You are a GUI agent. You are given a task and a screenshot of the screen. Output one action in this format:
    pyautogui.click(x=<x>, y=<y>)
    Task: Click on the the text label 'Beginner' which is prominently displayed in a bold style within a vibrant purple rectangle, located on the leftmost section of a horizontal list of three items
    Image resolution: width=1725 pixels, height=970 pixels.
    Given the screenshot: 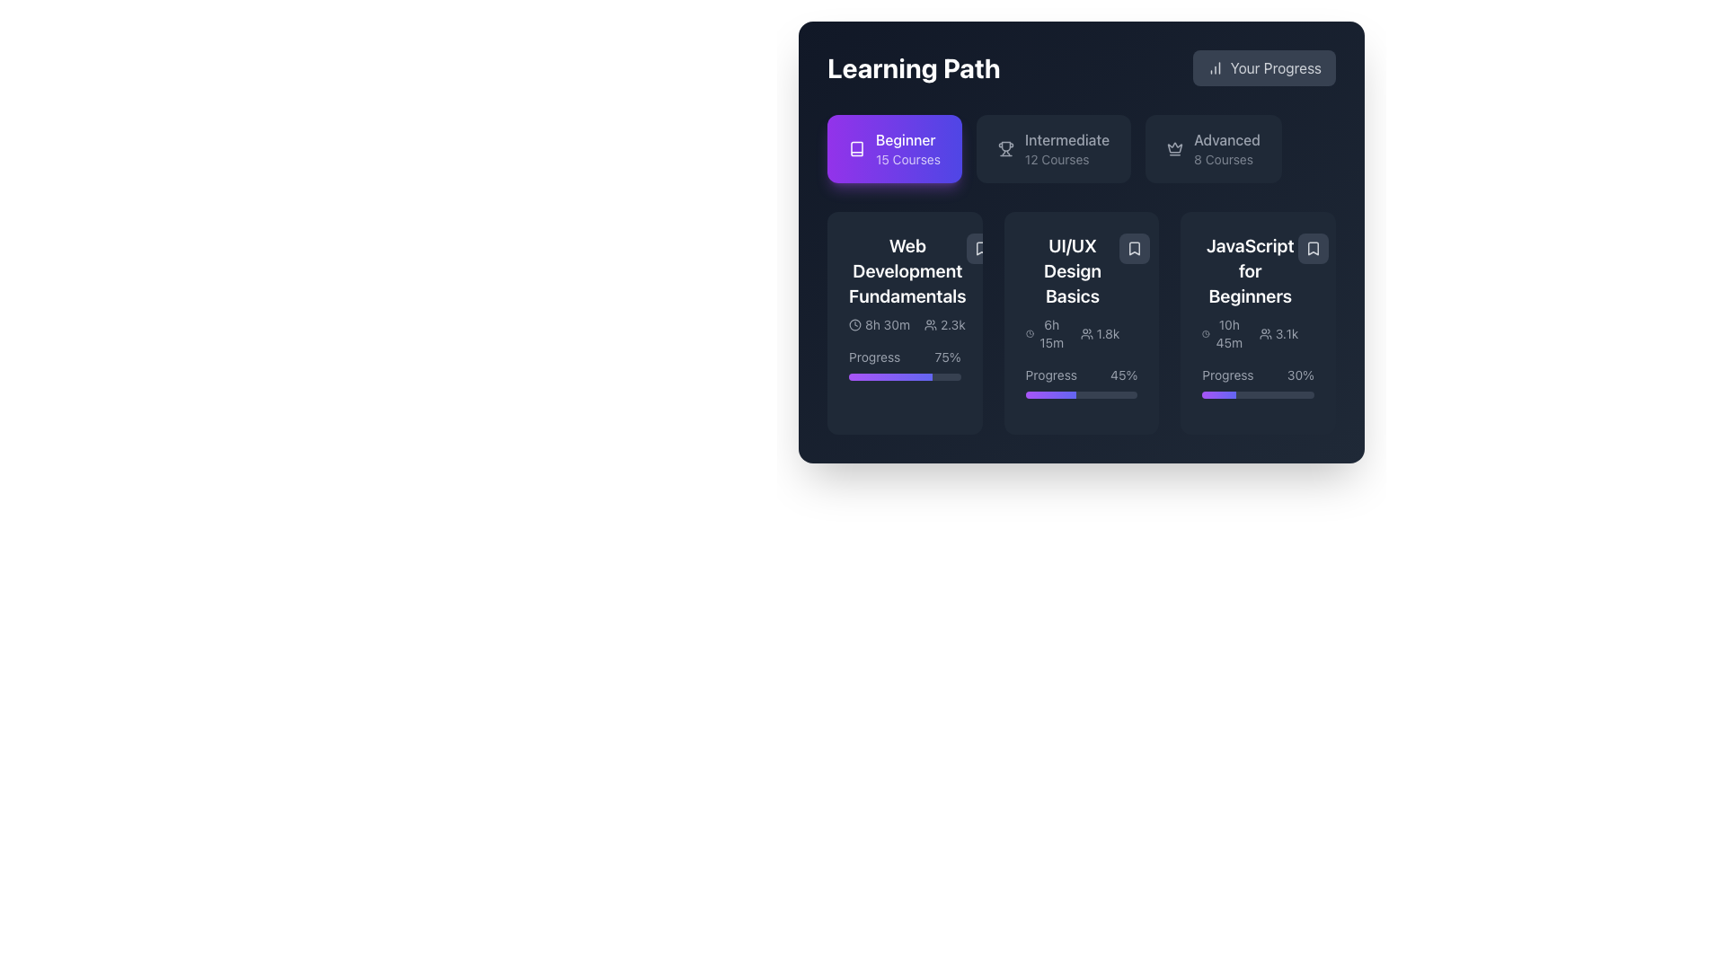 What is the action you would take?
    pyautogui.click(x=907, y=138)
    